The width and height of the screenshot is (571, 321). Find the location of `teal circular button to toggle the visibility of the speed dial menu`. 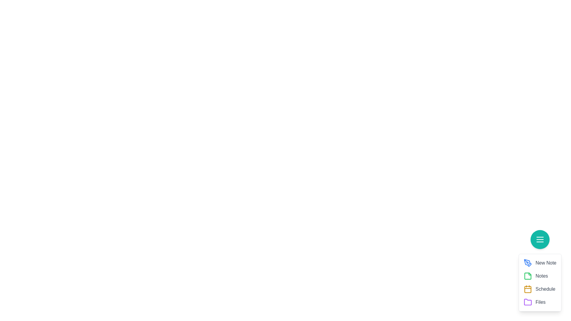

teal circular button to toggle the visibility of the speed dial menu is located at coordinates (540, 239).